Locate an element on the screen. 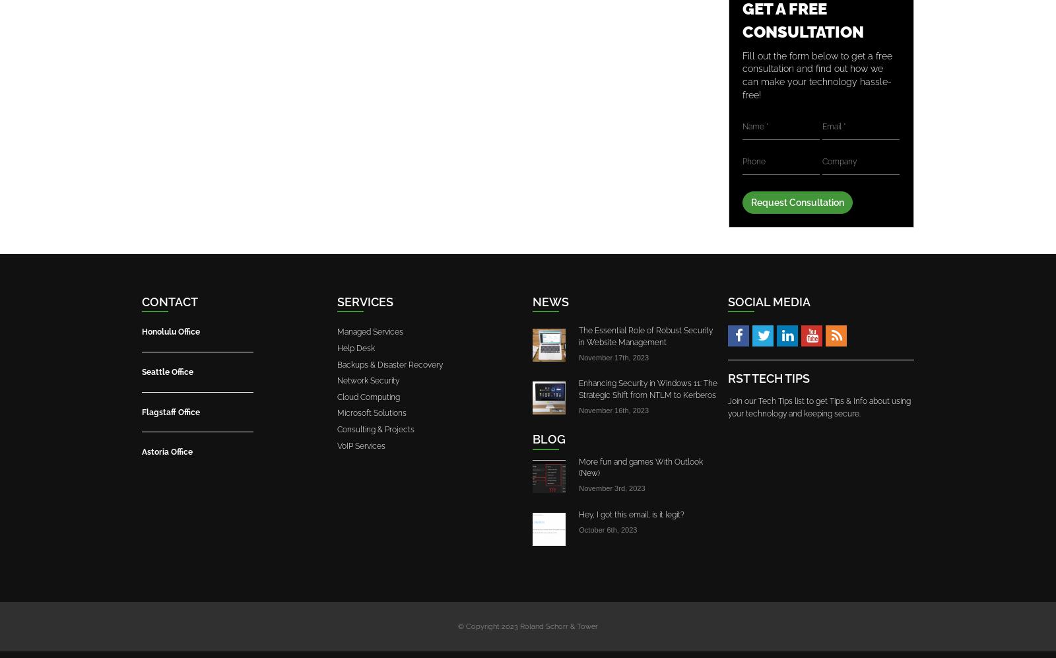  'Contact' is located at coordinates (170, 302).